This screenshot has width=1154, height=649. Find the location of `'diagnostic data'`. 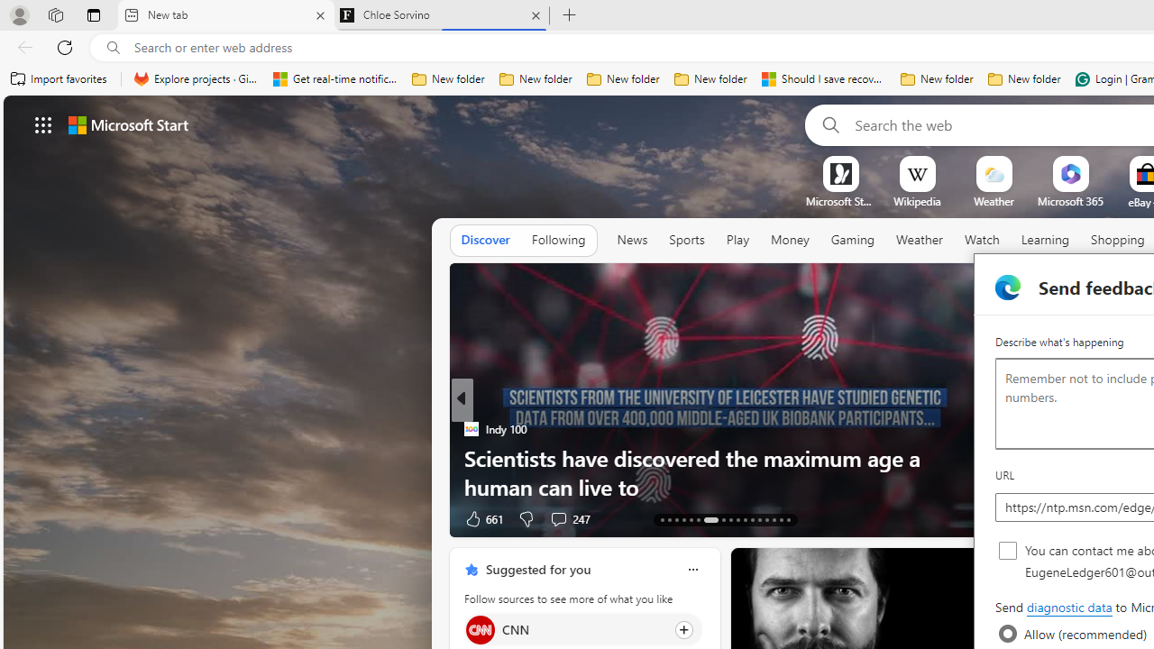

'diagnostic data' is located at coordinates (1068, 608).